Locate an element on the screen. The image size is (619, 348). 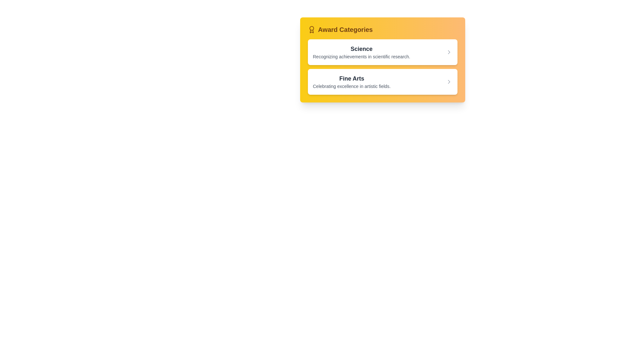
the descriptive subtitle for the 'Science' category within the interactive card-like structure is located at coordinates (361, 56).